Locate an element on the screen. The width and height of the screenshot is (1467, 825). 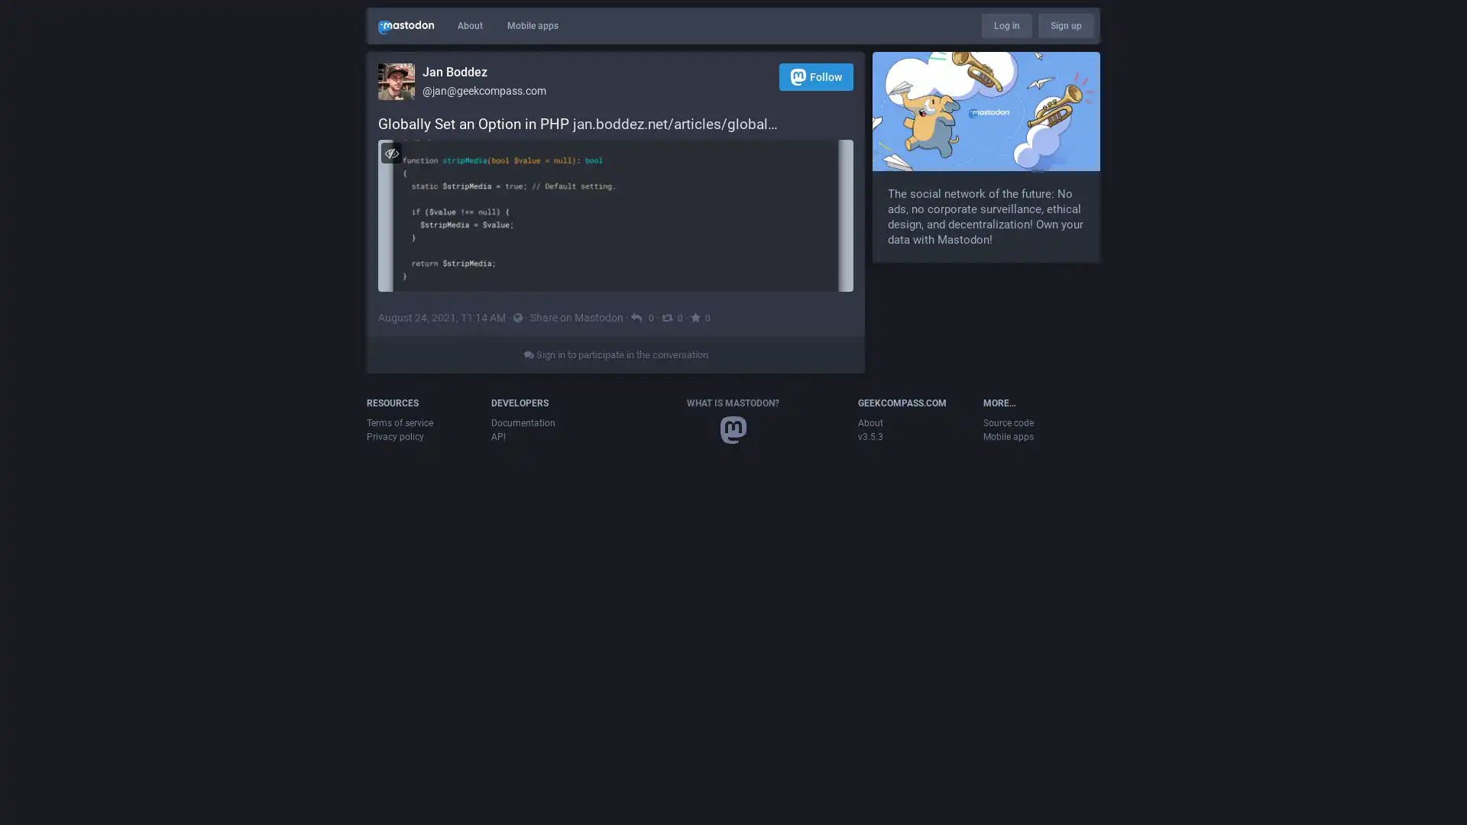
Hide image is located at coordinates (391, 153).